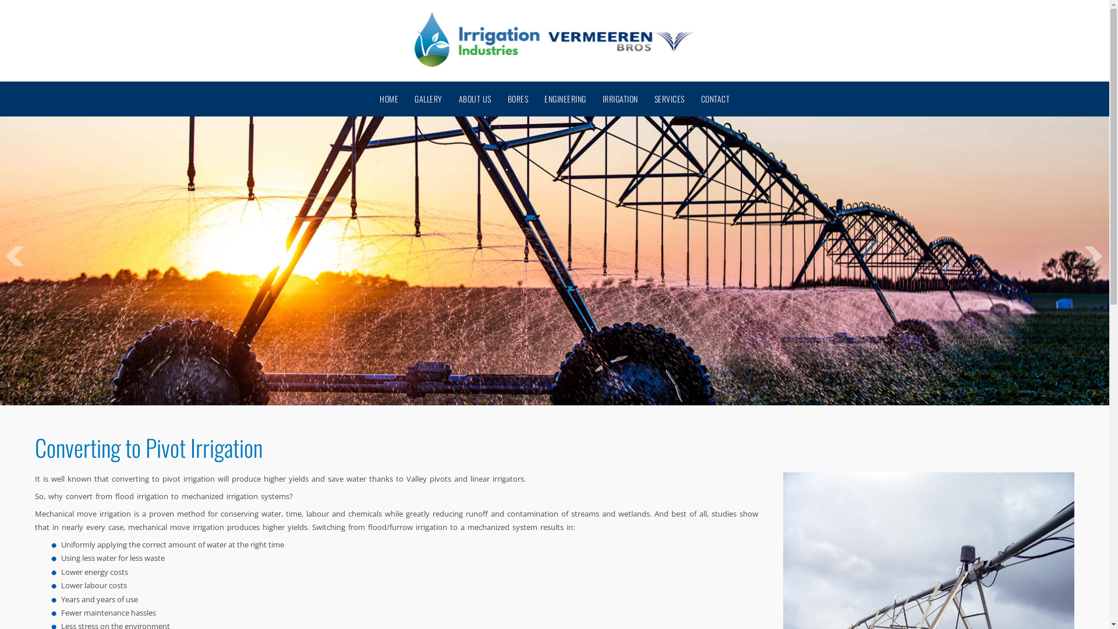 The height and width of the screenshot is (629, 1118). Describe the element at coordinates (565, 98) in the screenshot. I see `'ENGINEERING'` at that location.